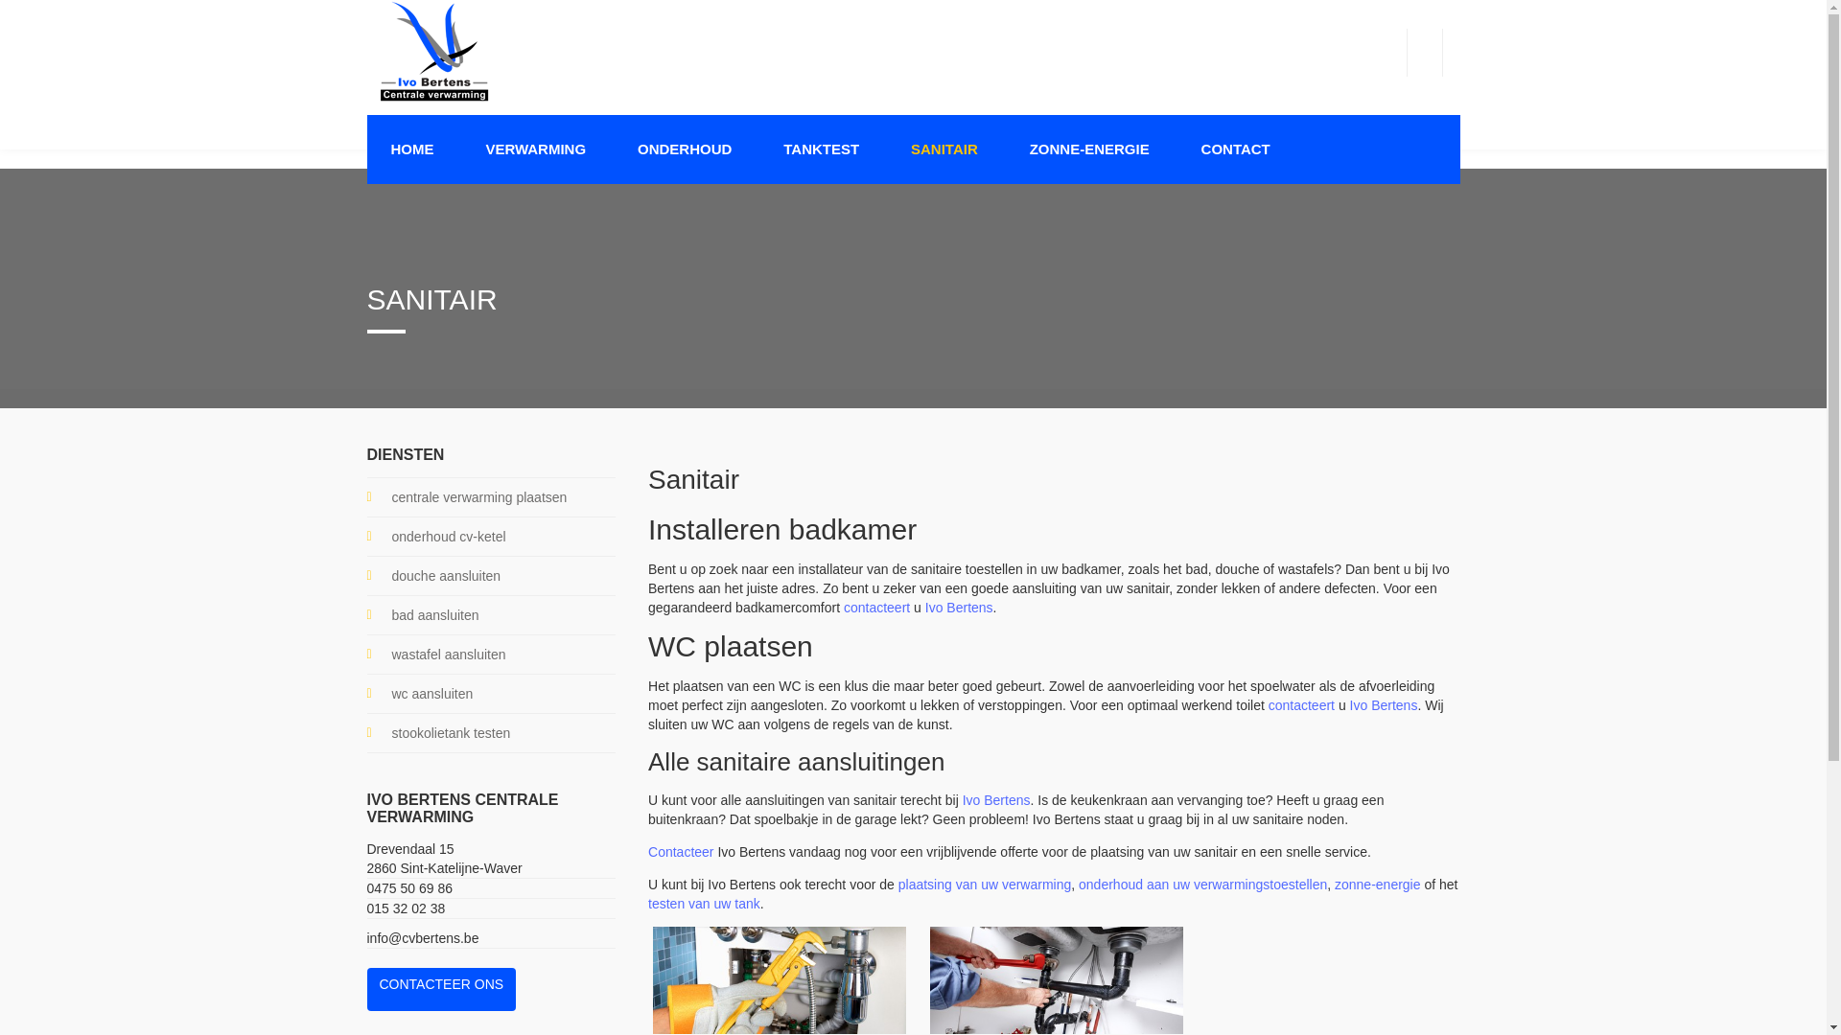 The image size is (1841, 1035). What do you see at coordinates (490, 694) in the screenshot?
I see `'wc aansluiten'` at bounding box center [490, 694].